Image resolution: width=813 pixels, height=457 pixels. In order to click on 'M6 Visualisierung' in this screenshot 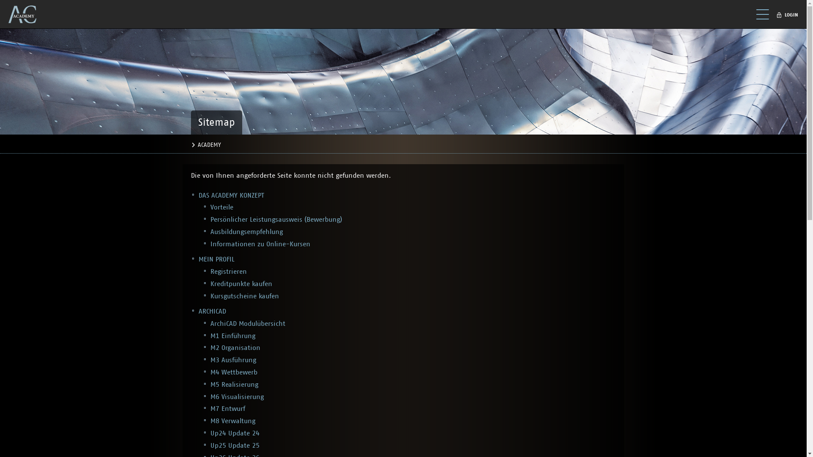, I will do `click(237, 396)`.